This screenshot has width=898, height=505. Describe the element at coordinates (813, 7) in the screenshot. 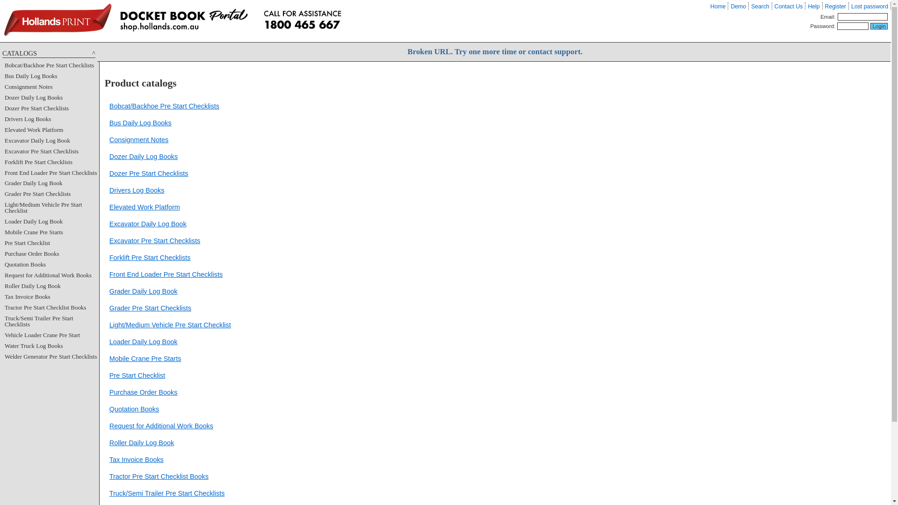

I see `'Help'` at that location.